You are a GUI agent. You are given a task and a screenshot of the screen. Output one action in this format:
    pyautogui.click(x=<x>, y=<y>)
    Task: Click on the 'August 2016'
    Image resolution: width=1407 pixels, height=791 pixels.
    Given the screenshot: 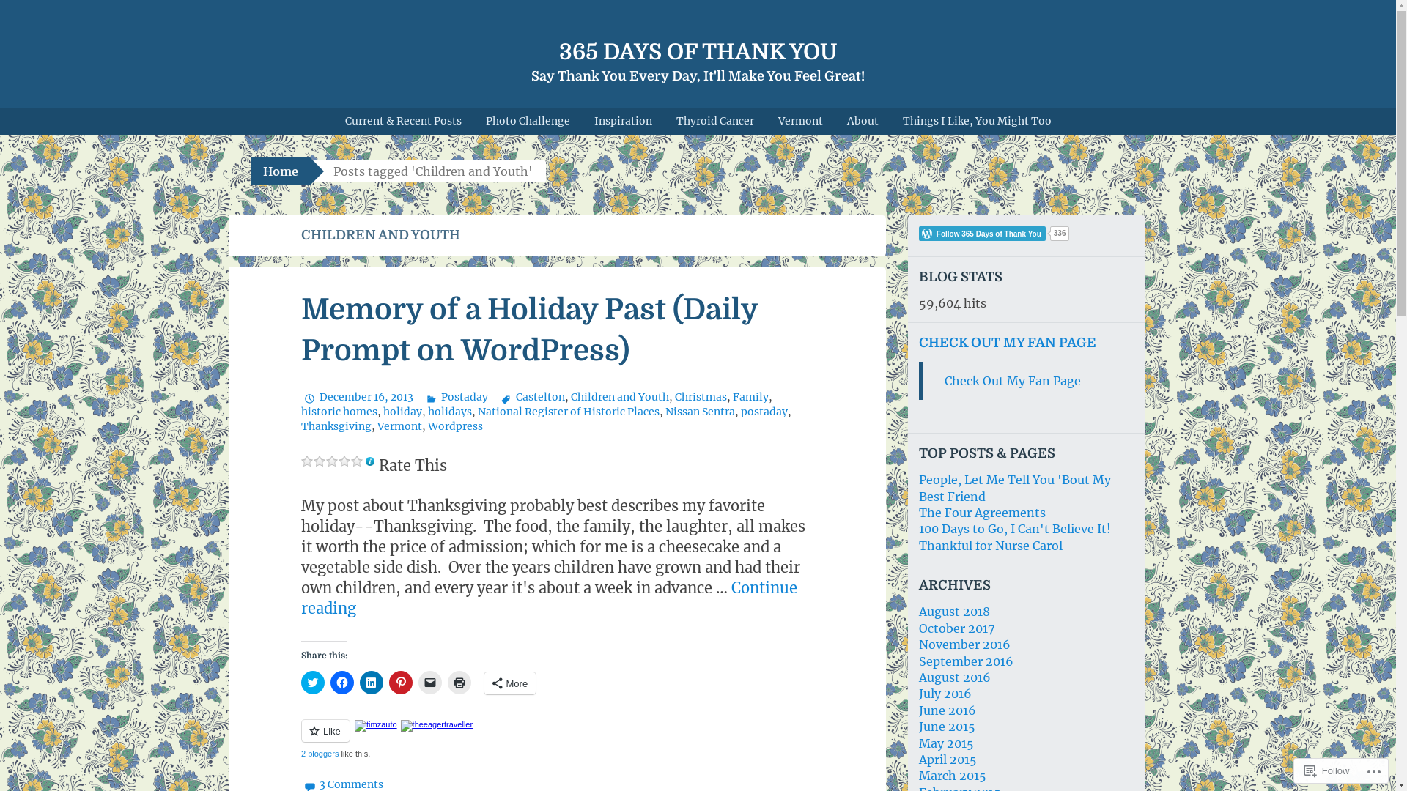 What is the action you would take?
    pyautogui.click(x=954, y=677)
    